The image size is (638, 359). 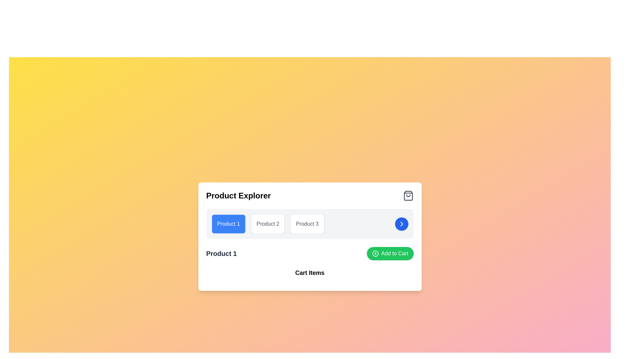 I want to click on the first selectable button for 'Product 1', so click(x=228, y=224).